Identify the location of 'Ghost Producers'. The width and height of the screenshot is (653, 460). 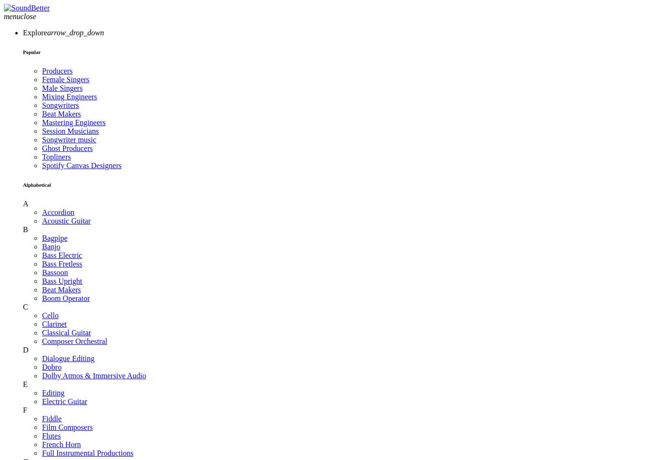
(66, 148).